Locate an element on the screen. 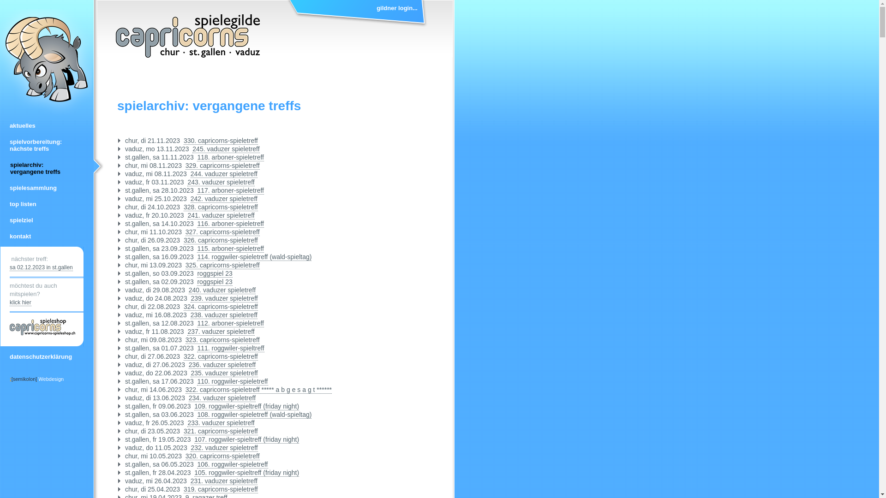 The width and height of the screenshot is (886, 498). 'klick hier' is located at coordinates (20, 302).